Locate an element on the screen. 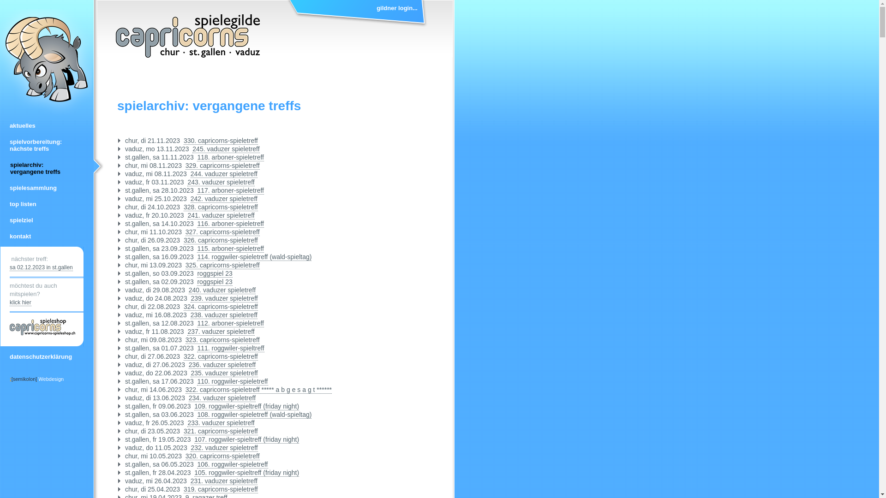 The width and height of the screenshot is (886, 498). 'klick hier' is located at coordinates (20, 302).